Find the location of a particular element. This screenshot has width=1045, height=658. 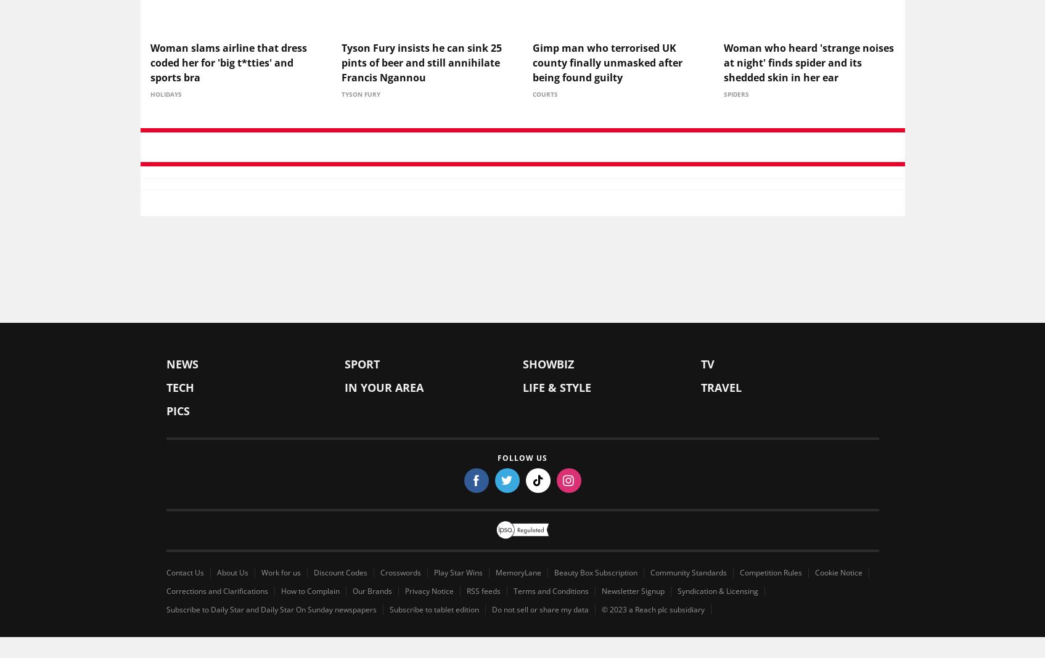

'Subscribe to Daily Star and Daily Star On Sunday newspapers' is located at coordinates (271, 612).